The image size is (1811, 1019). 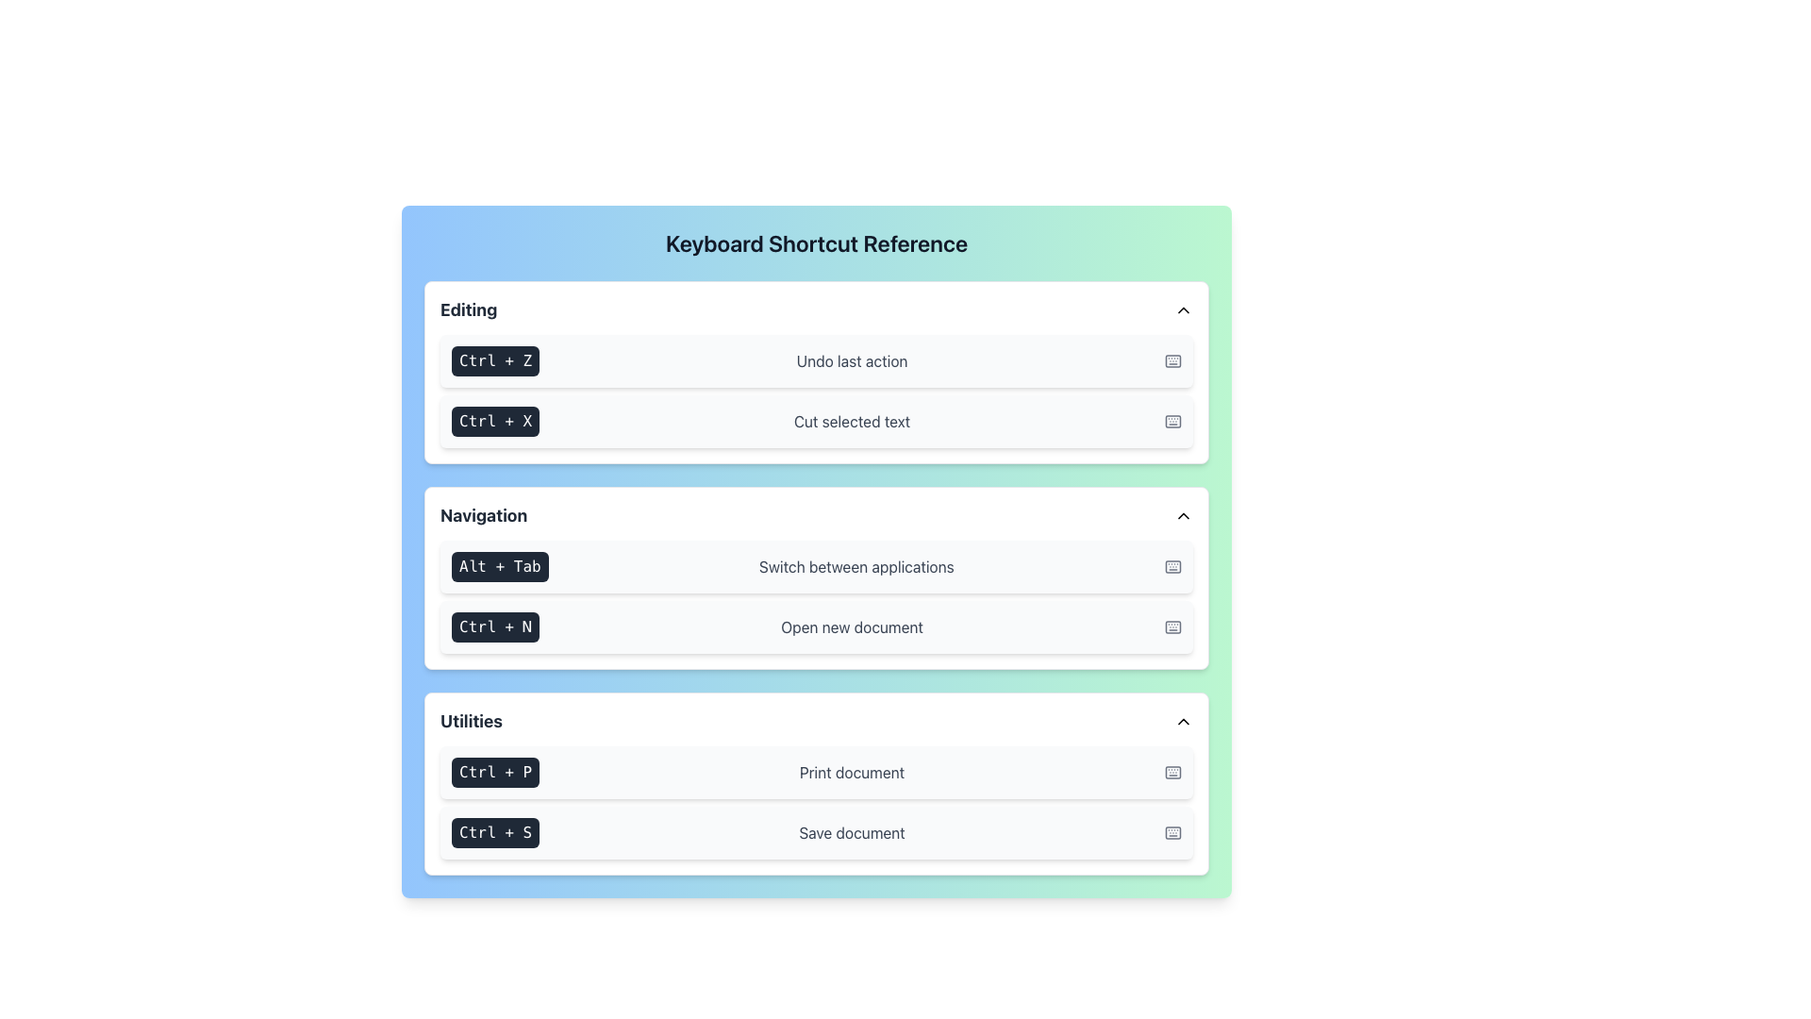 I want to click on the upward chevron icon on the far right side of the 'Utilities' section title bar, so click(x=1182, y=721).